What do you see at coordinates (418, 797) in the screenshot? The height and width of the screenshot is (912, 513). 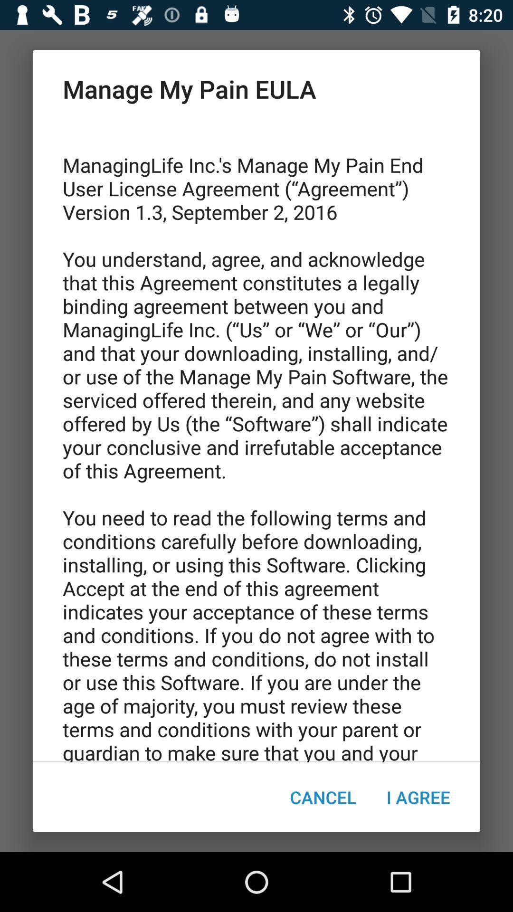 I see `item next to cancel icon` at bounding box center [418, 797].